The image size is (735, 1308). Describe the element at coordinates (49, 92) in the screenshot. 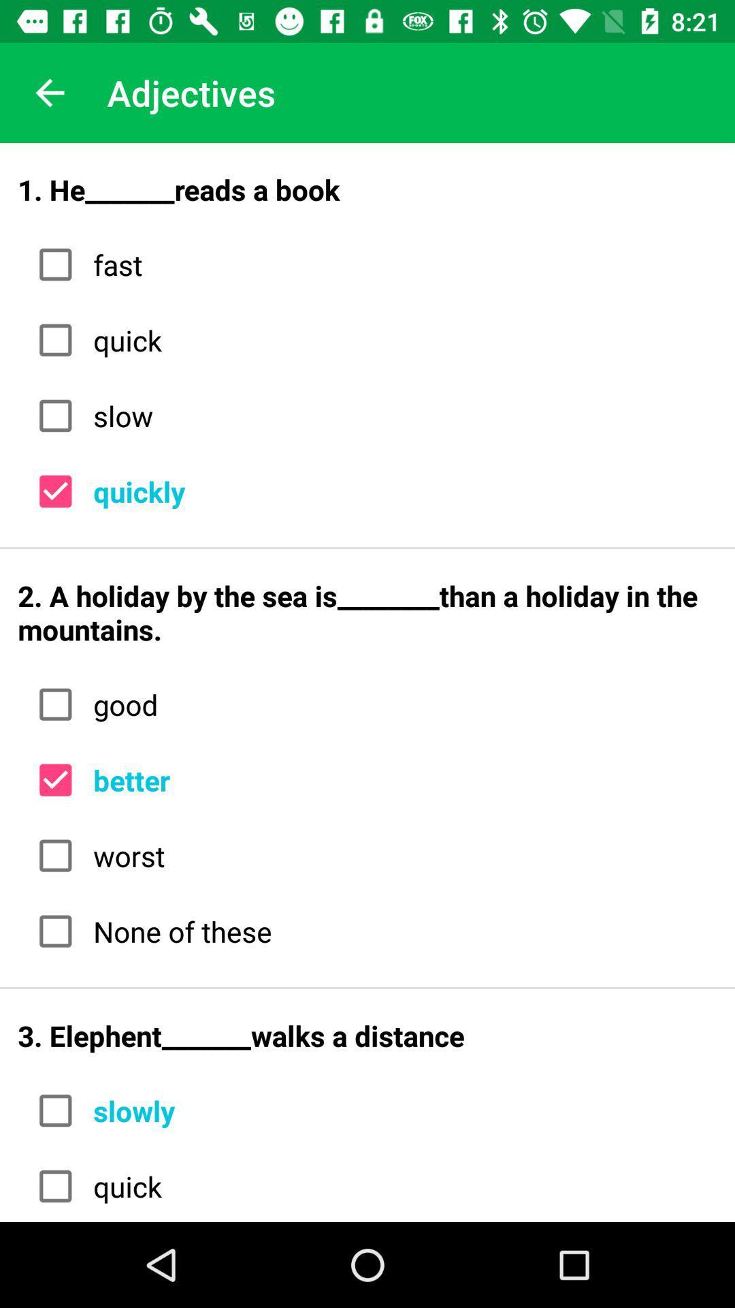

I see `the app next to adjectives item` at that location.